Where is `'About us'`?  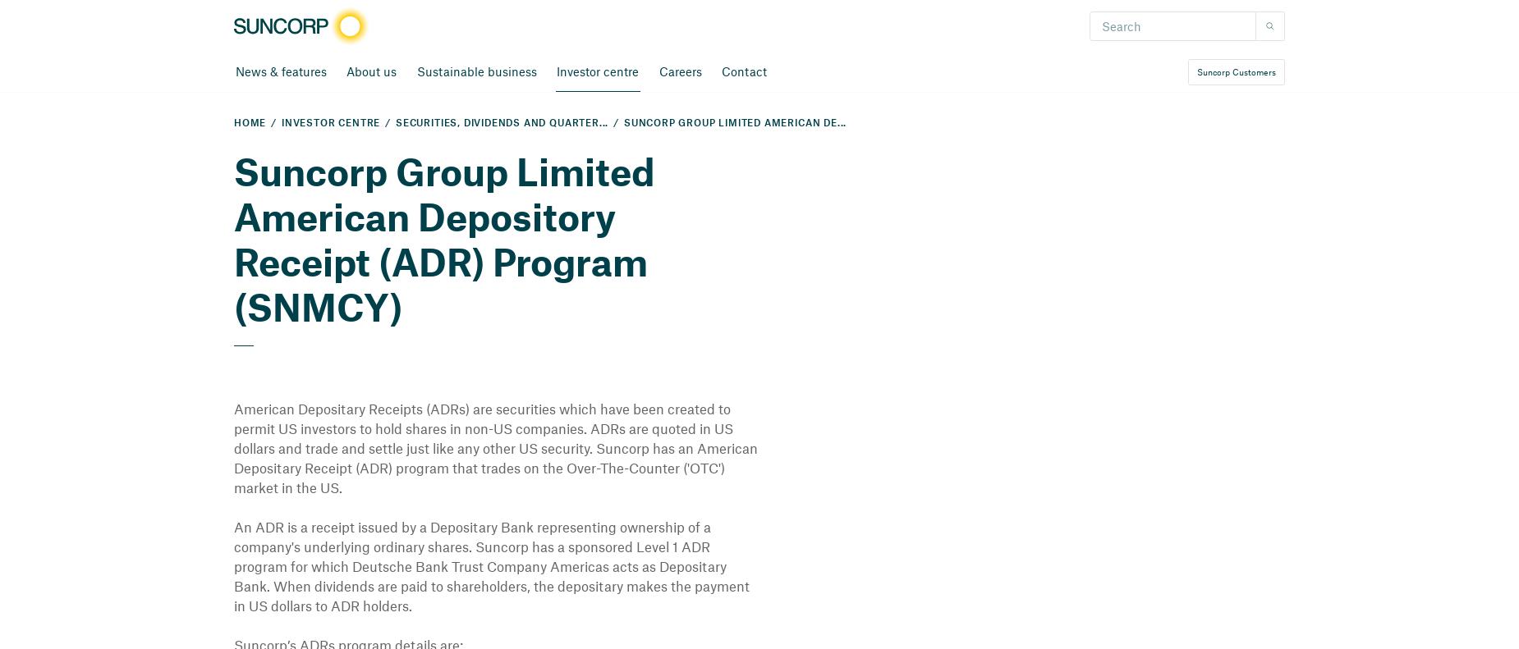
'About us' is located at coordinates (345, 71).